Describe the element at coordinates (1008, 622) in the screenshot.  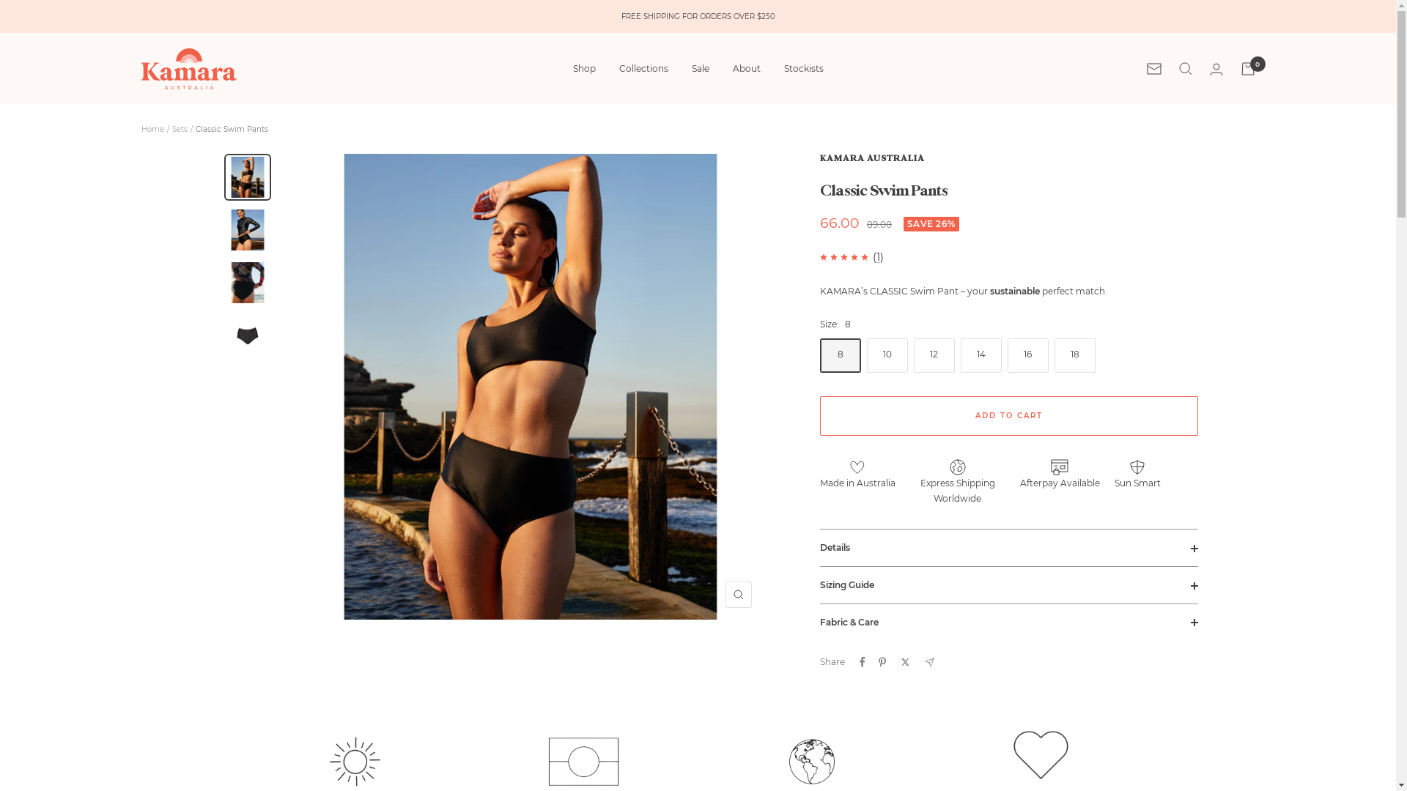
I see `'Fabric & Care'` at that location.